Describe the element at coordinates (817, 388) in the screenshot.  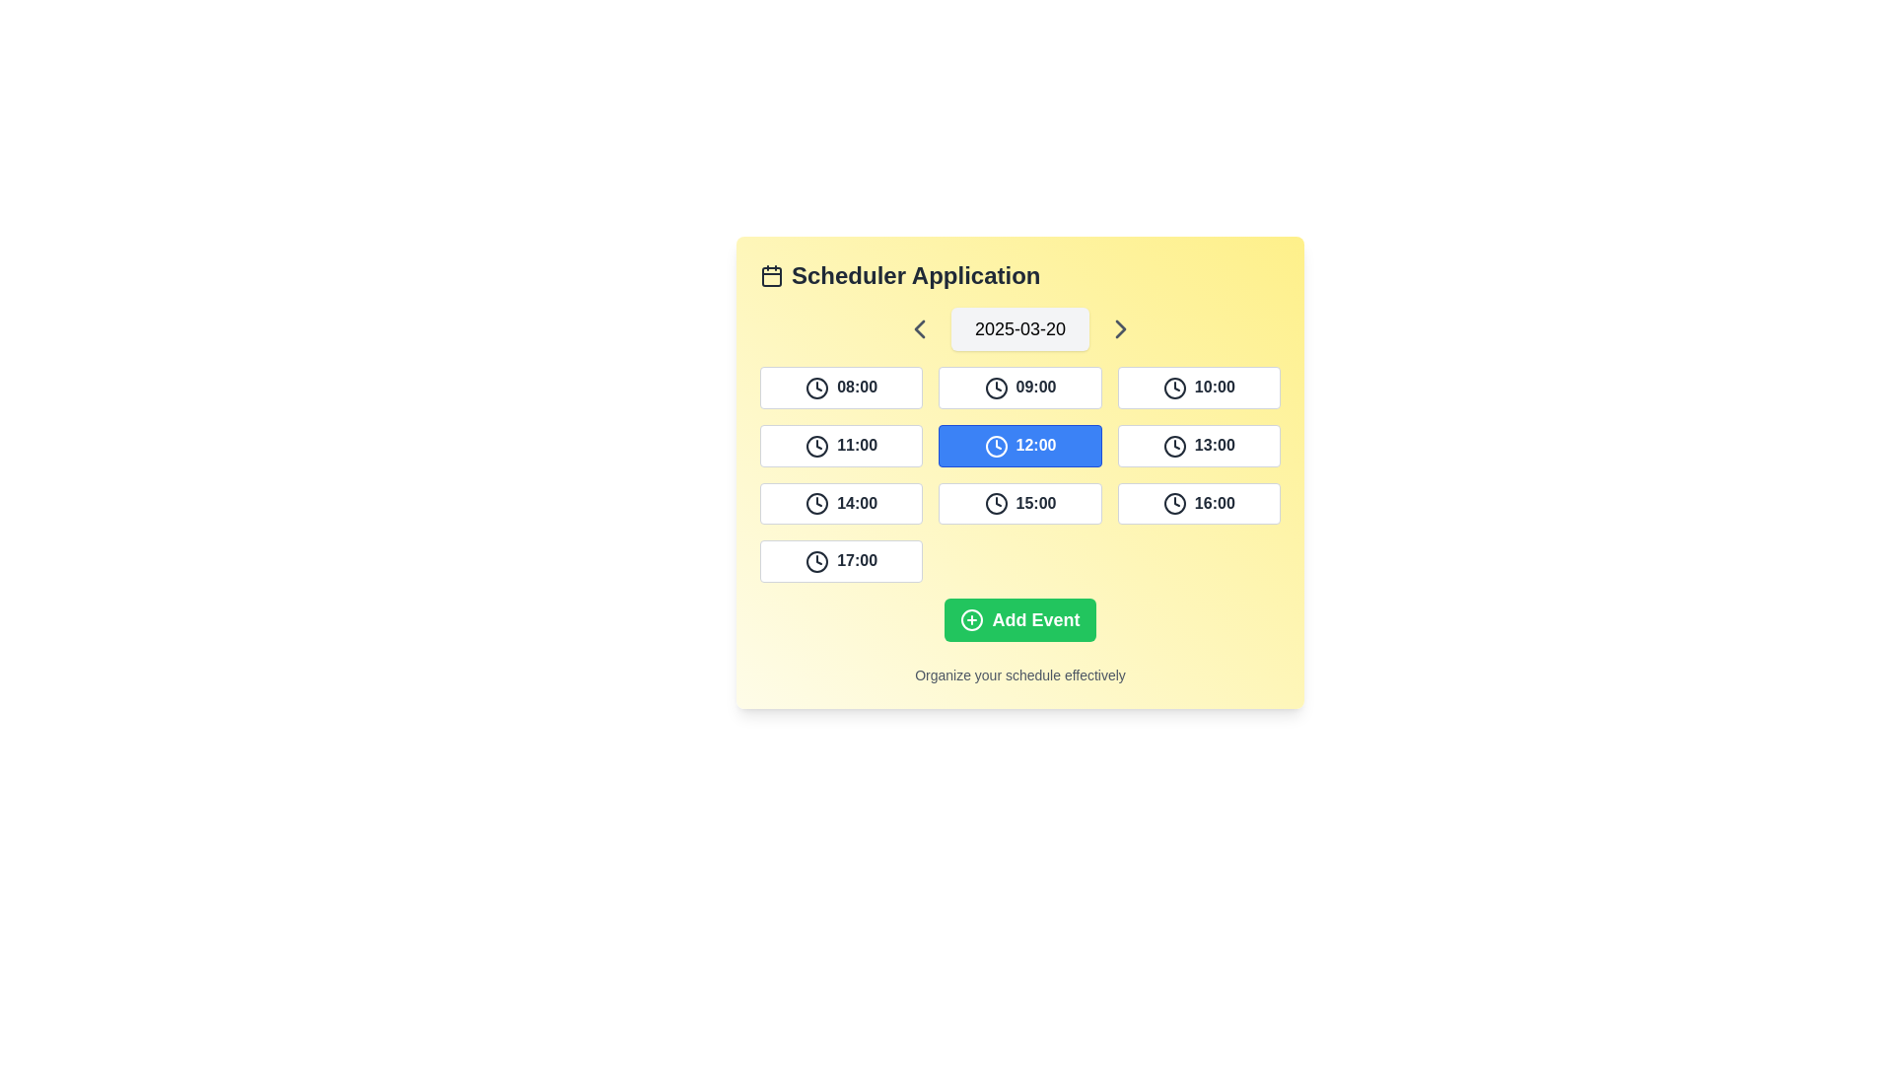
I see `the time indicated by the clock icon located to the left of the text '08:00' on the button in the Scheduler Application interface` at that location.